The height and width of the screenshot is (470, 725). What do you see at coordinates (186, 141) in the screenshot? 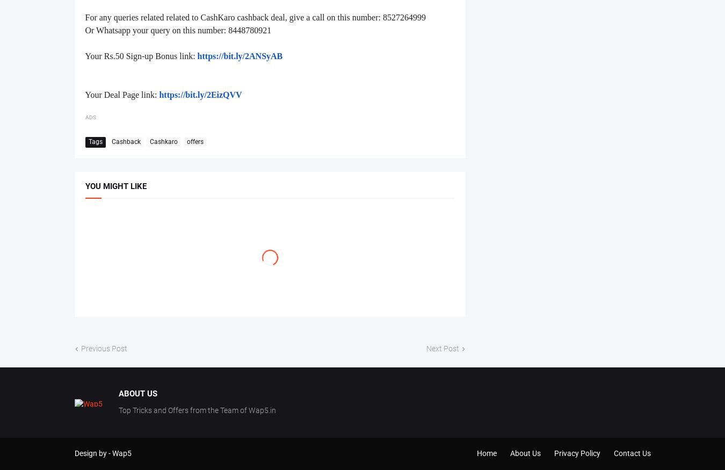
I see `'offers'` at bounding box center [186, 141].